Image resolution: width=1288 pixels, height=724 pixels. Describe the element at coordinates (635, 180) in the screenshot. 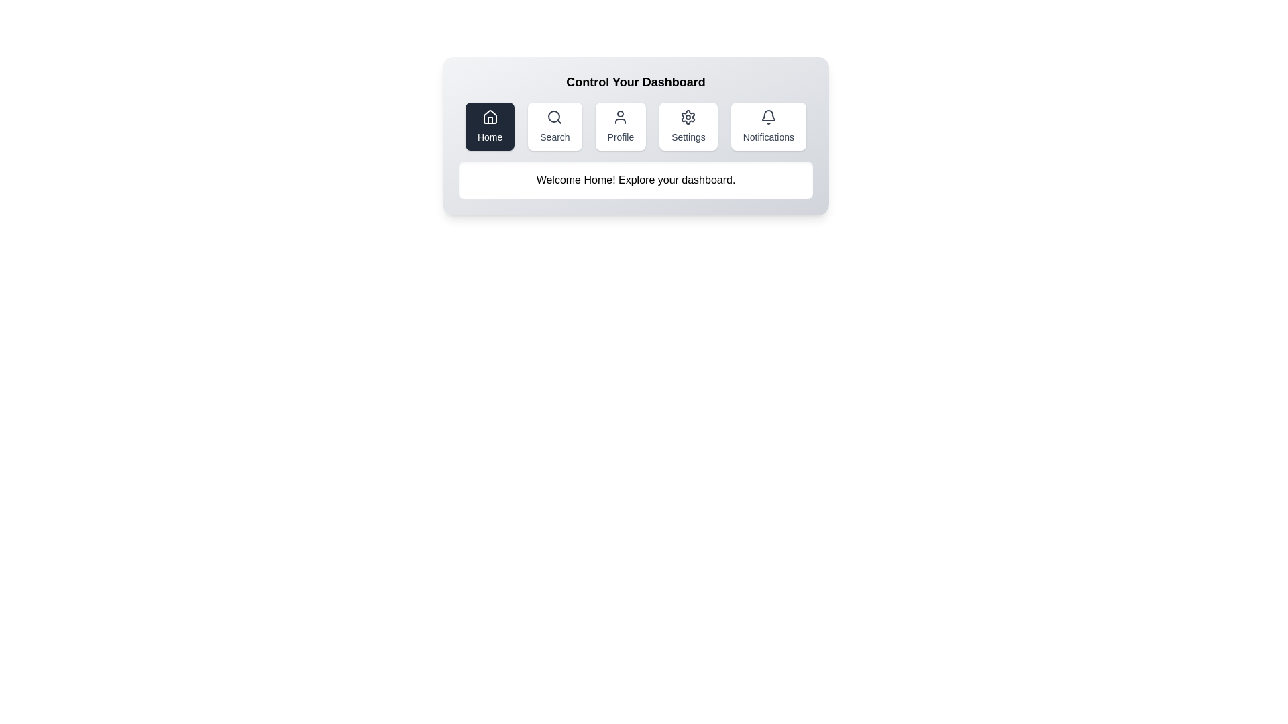

I see `the text block that reads 'Welcome Home! Explore your dashboard.', which is centrally positioned beneath the main navigation buttons` at that location.